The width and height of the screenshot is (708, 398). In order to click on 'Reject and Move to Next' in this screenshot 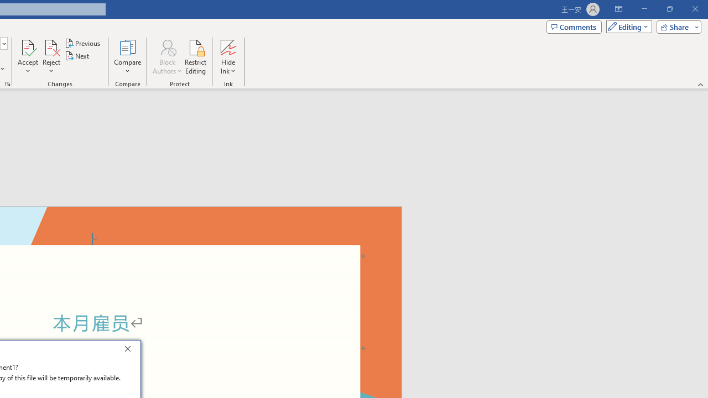, I will do `click(50, 46)`.